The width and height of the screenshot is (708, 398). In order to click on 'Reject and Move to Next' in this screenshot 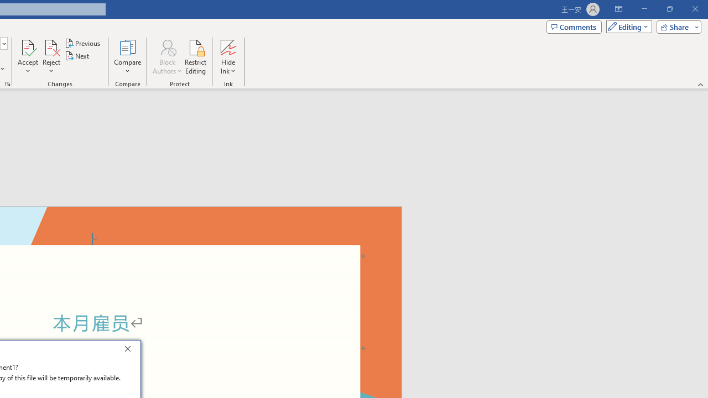, I will do `click(50, 46)`.